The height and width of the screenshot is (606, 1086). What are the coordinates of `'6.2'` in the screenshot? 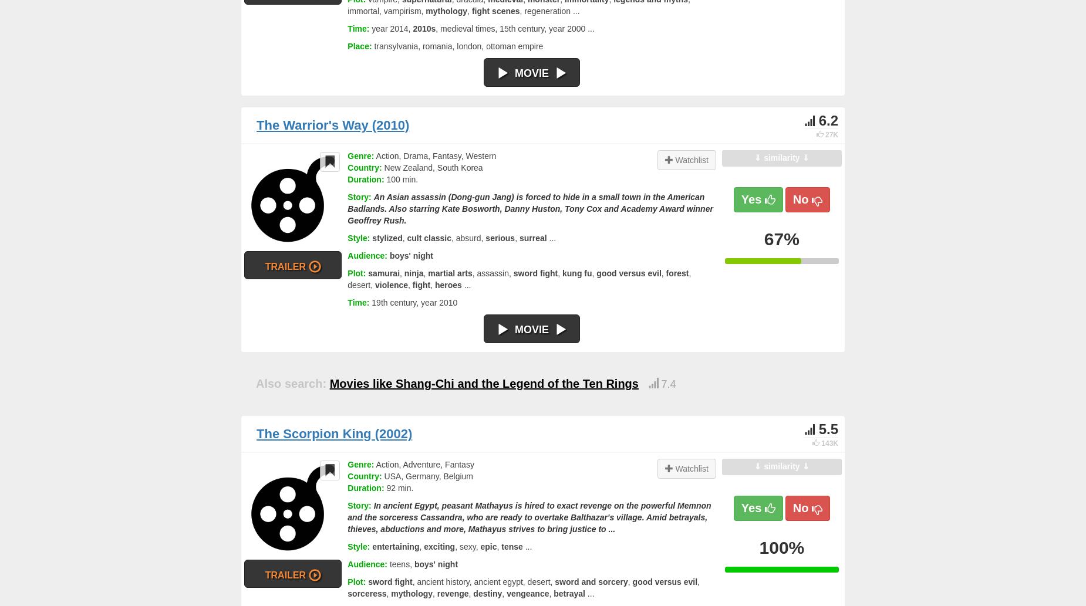 It's located at (828, 119).